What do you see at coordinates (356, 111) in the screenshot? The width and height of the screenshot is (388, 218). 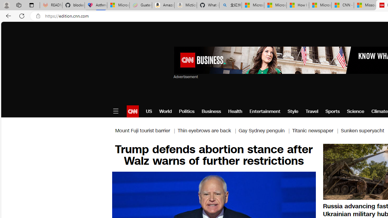 I see `'Science'` at bounding box center [356, 111].